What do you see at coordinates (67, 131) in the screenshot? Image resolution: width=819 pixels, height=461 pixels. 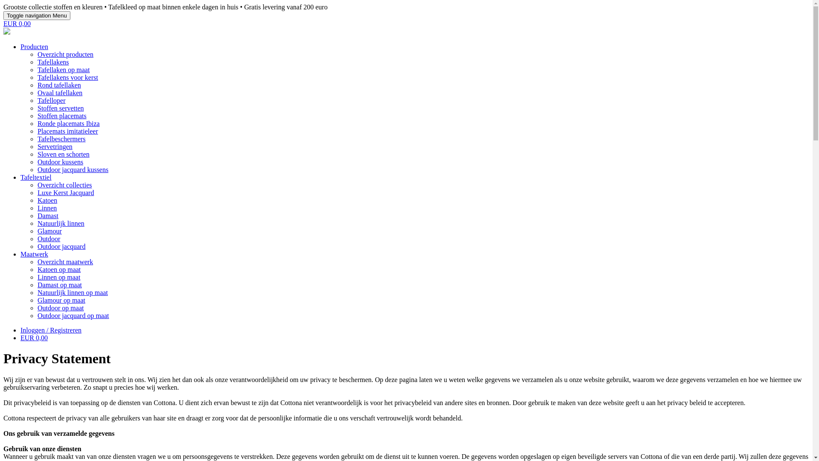 I see `'Placemats imitatieleer'` at bounding box center [67, 131].